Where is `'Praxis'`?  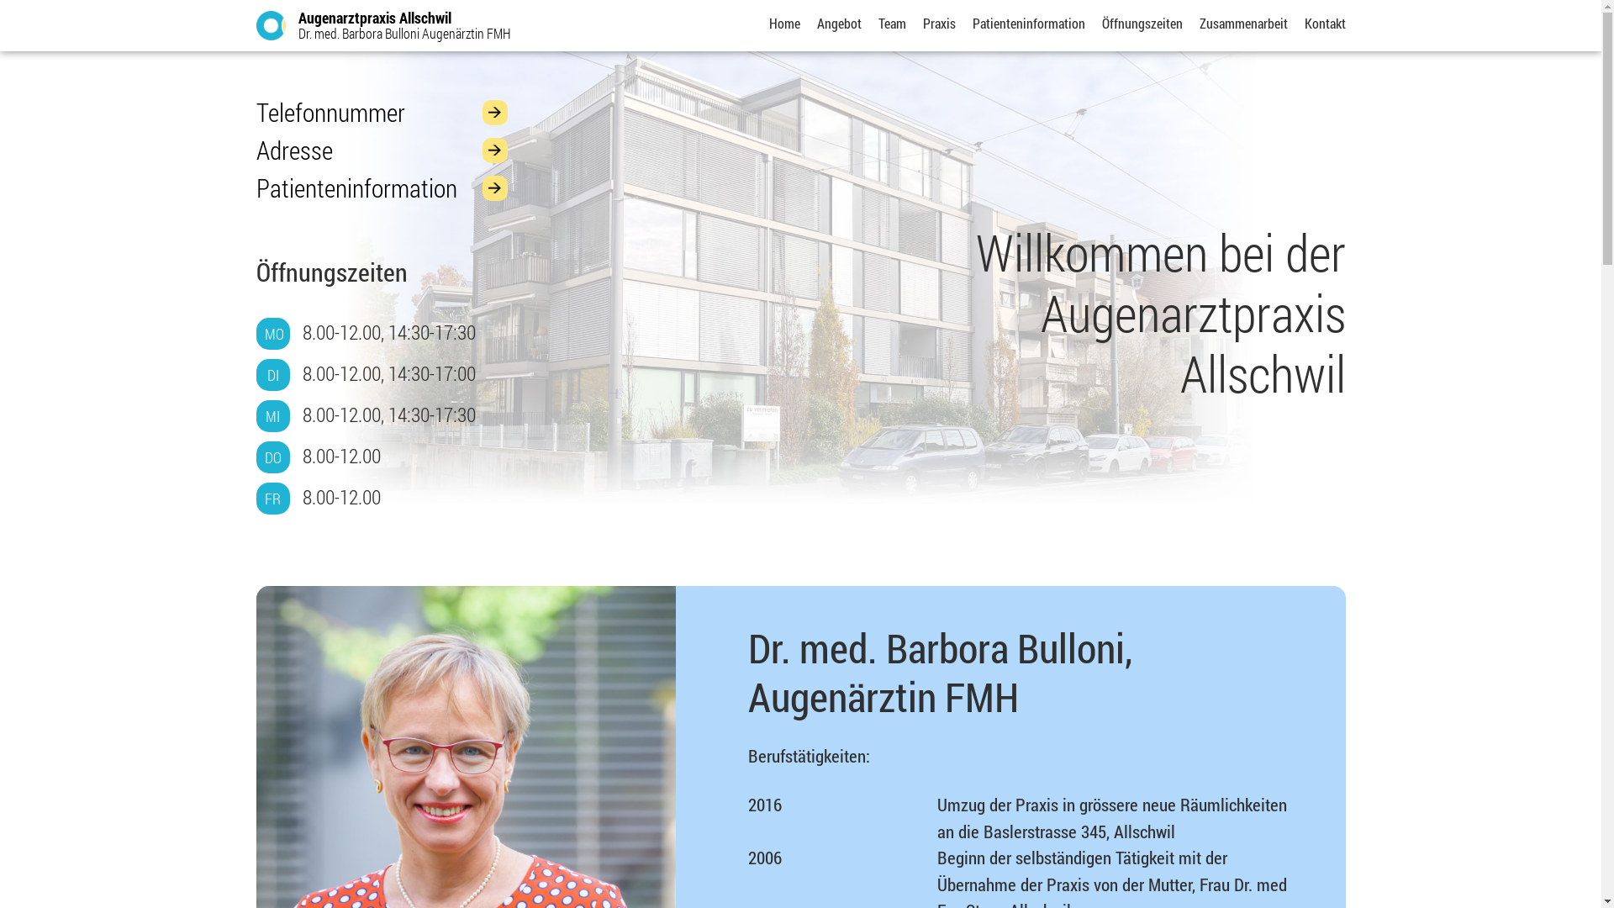 'Praxis' is located at coordinates (938, 23).